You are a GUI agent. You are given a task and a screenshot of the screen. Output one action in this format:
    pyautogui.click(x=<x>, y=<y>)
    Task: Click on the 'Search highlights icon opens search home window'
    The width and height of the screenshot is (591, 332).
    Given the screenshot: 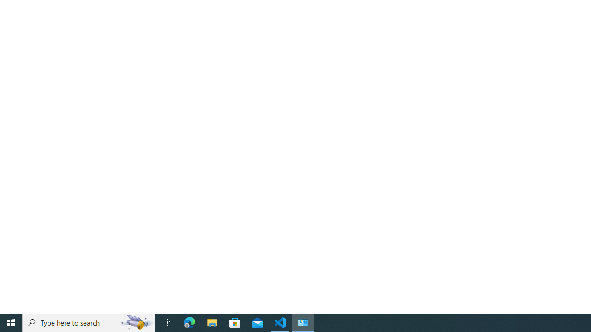 What is the action you would take?
    pyautogui.click(x=136, y=322)
    